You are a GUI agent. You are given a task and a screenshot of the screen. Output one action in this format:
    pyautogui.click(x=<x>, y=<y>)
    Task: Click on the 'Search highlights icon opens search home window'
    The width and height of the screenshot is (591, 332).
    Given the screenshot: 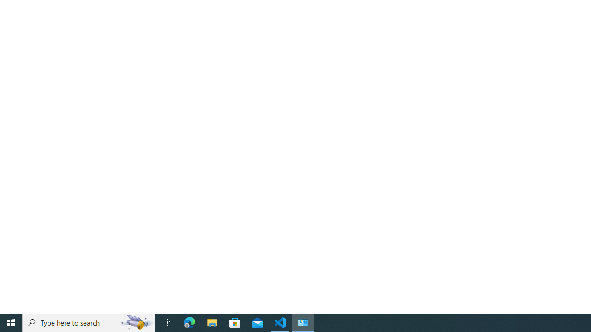 What is the action you would take?
    pyautogui.click(x=136, y=322)
    